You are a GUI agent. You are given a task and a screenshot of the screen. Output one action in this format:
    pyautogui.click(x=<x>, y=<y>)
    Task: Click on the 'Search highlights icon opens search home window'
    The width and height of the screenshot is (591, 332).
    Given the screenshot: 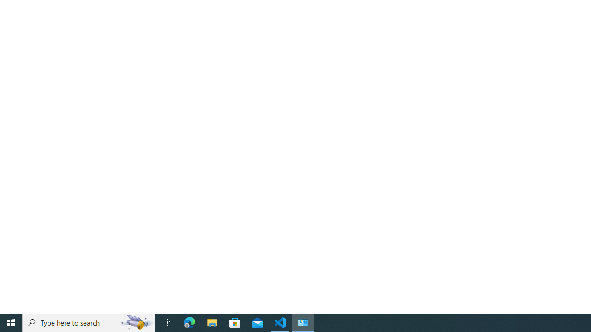 What is the action you would take?
    pyautogui.click(x=136, y=322)
    